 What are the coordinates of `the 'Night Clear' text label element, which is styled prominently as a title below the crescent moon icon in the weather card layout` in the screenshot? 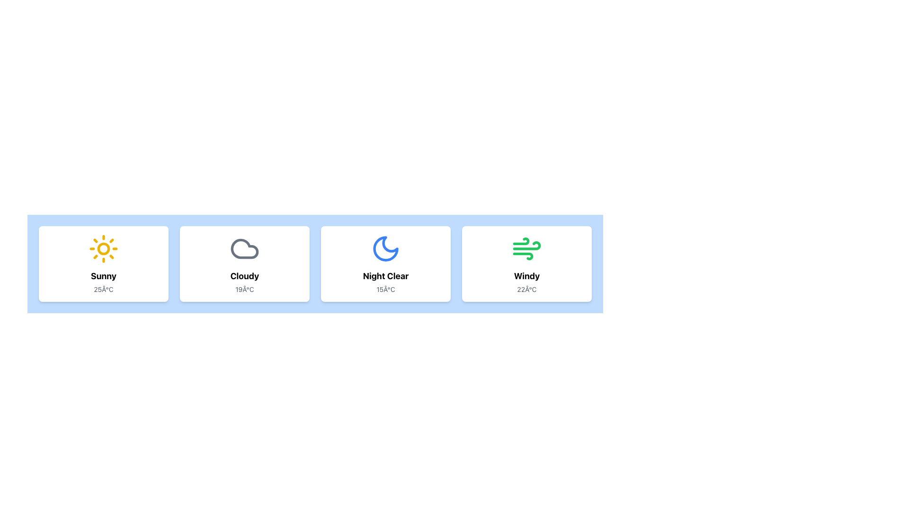 It's located at (386, 276).